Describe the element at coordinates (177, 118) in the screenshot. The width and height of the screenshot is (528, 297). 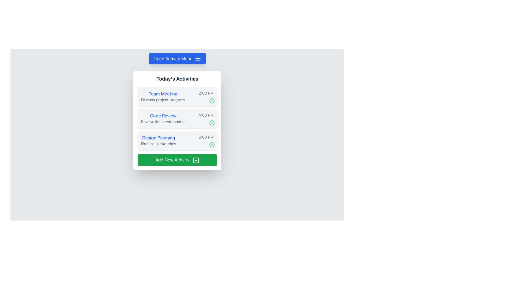
I see `the task entry titled 'Code Review' scheduled for 4:00 PM` at that location.